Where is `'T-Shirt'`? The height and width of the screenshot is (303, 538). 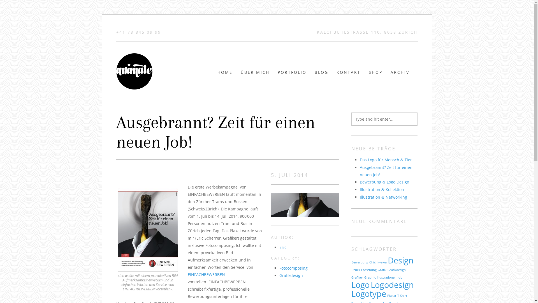
'T-Shirt' is located at coordinates (402, 295).